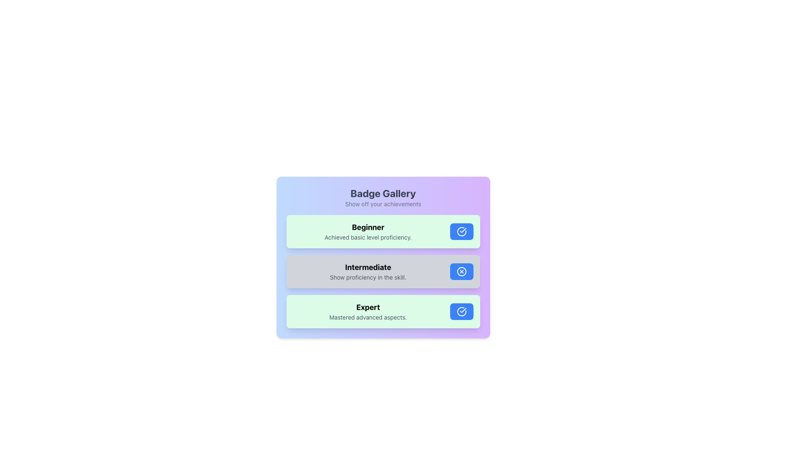 This screenshot has width=801, height=450. What do you see at coordinates (461, 271) in the screenshot?
I see `the circular part of the cancellation icon located within the button aligned to the right of the second row labeled 'Intermediate'` at bounding box center [461, 271].